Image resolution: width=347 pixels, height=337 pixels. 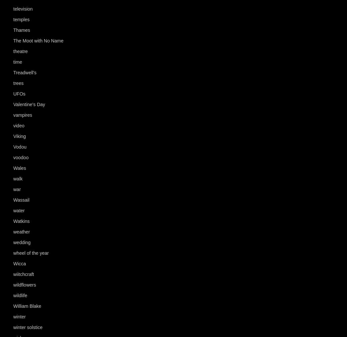 What do you see at coordinates (19, 263) in the screenshot?
I see `'Wicca'` at bounding box center [19, 263].